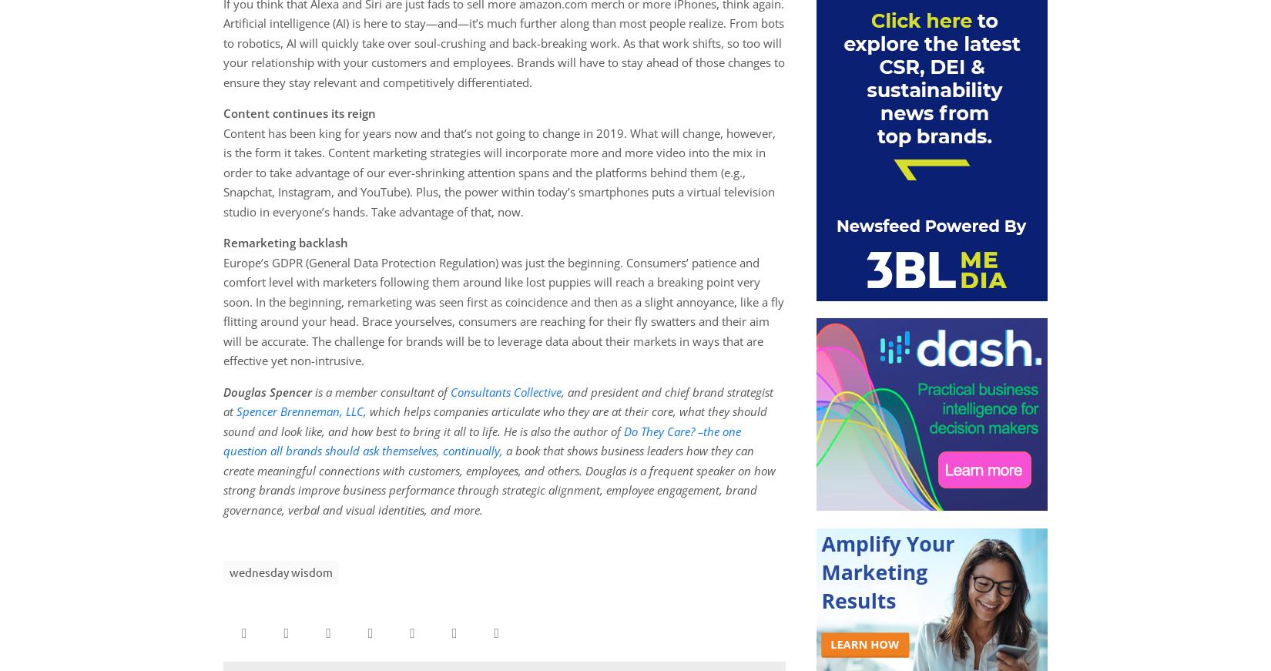  What do you see at coordinates (223, 440) in the screenshot?
I see `'Do They Care? –the one question all brands should ask themselves, continually,'` at bounding box center [223, 440].